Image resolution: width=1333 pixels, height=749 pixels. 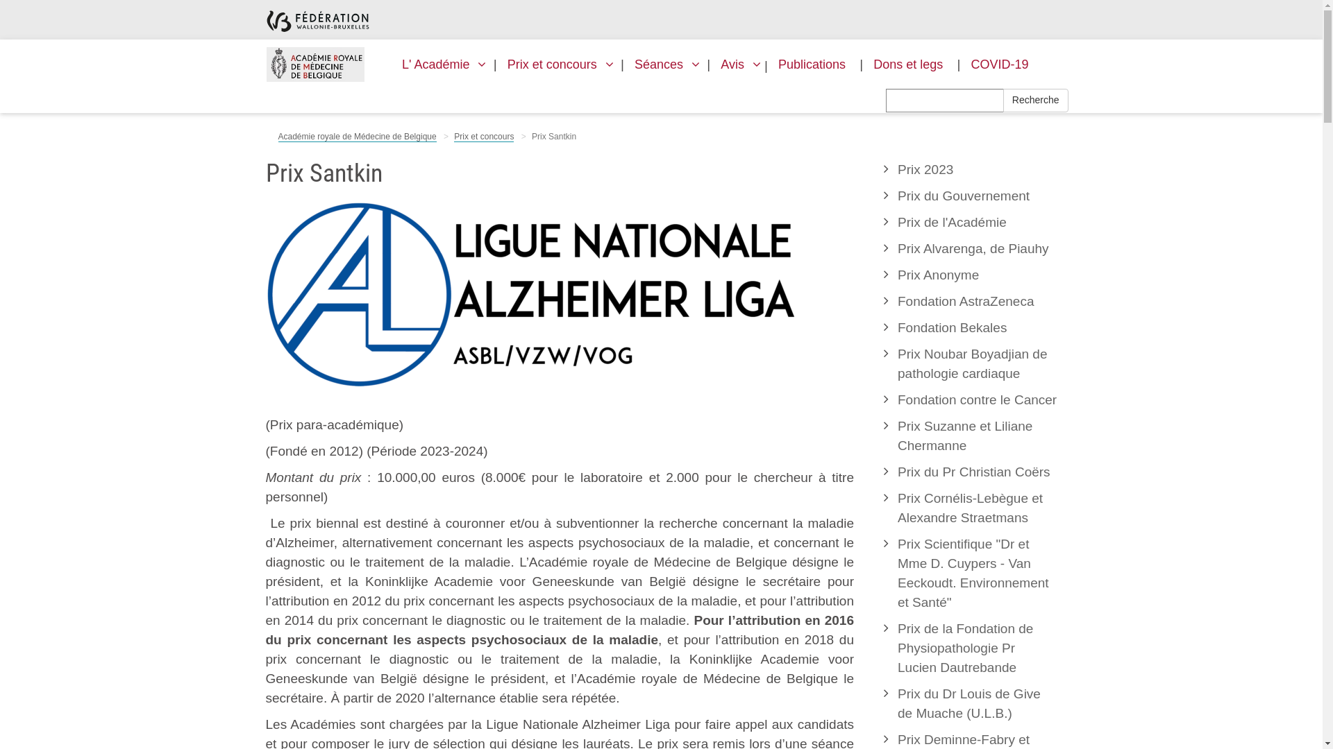 What do you see at coordinates (976, 301) in the screenshot?
I see `'Fondation AstraZeneca'` at bounding box center [976, 301].